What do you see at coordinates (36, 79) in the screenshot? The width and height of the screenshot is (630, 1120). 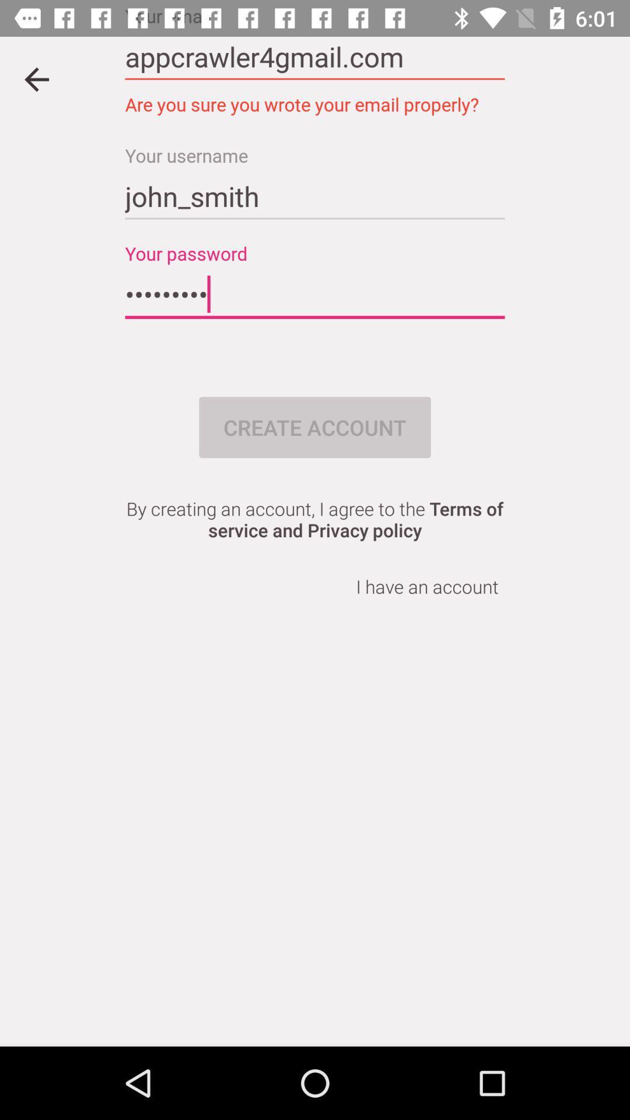 I see `goto back` at bounding box center [36, 79].